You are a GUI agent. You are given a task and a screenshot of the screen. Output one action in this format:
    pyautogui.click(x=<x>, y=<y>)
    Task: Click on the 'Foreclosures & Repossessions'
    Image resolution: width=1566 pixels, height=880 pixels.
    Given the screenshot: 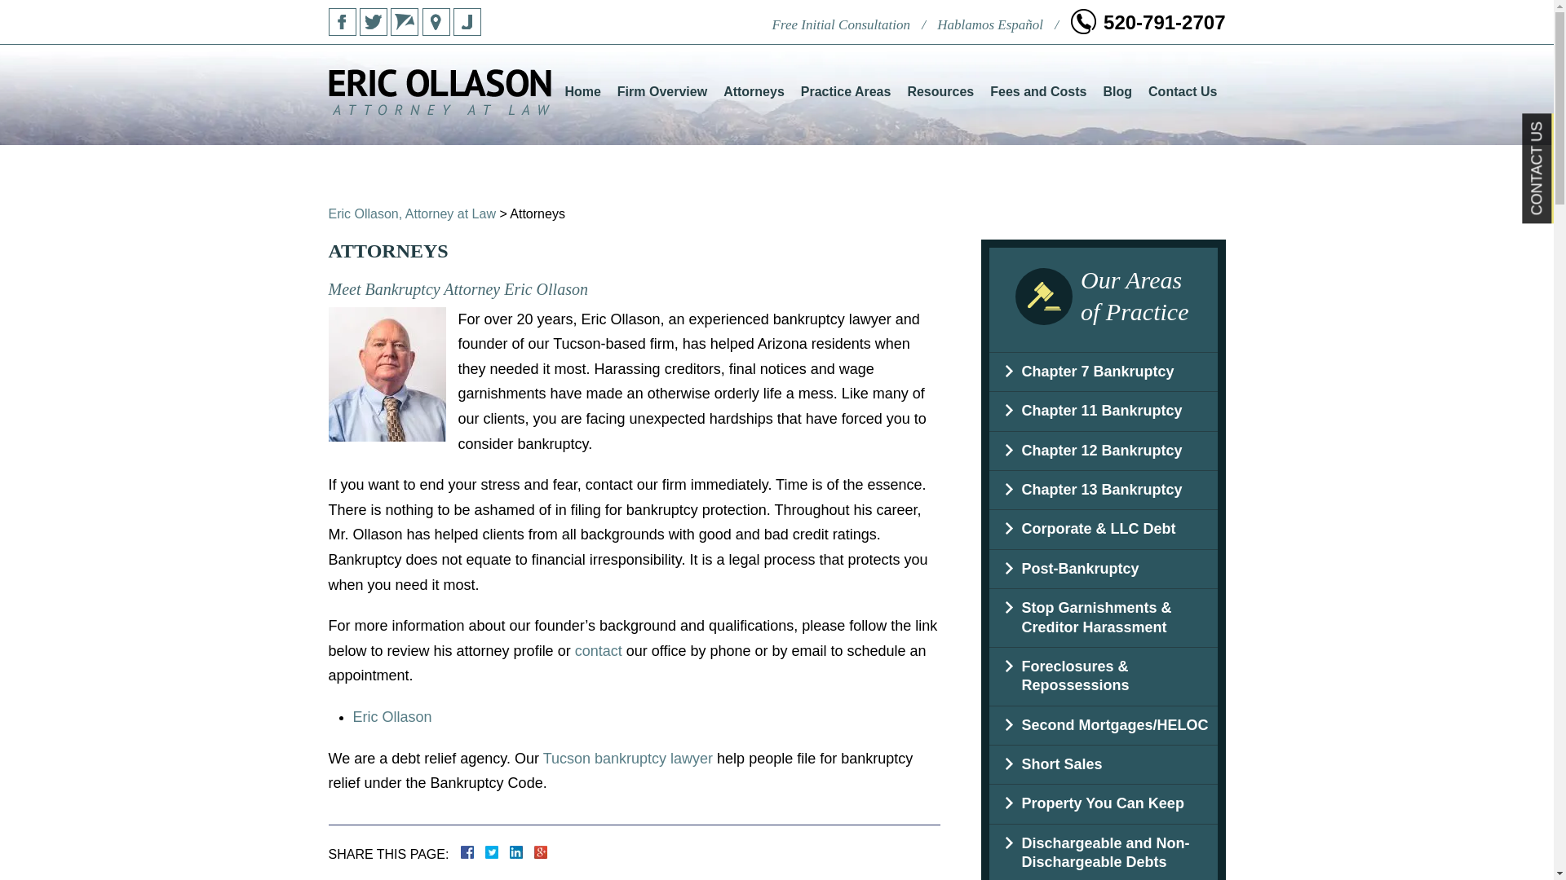 What is the action you would take?
    pyautogui.click(x=1103, y=676)
    